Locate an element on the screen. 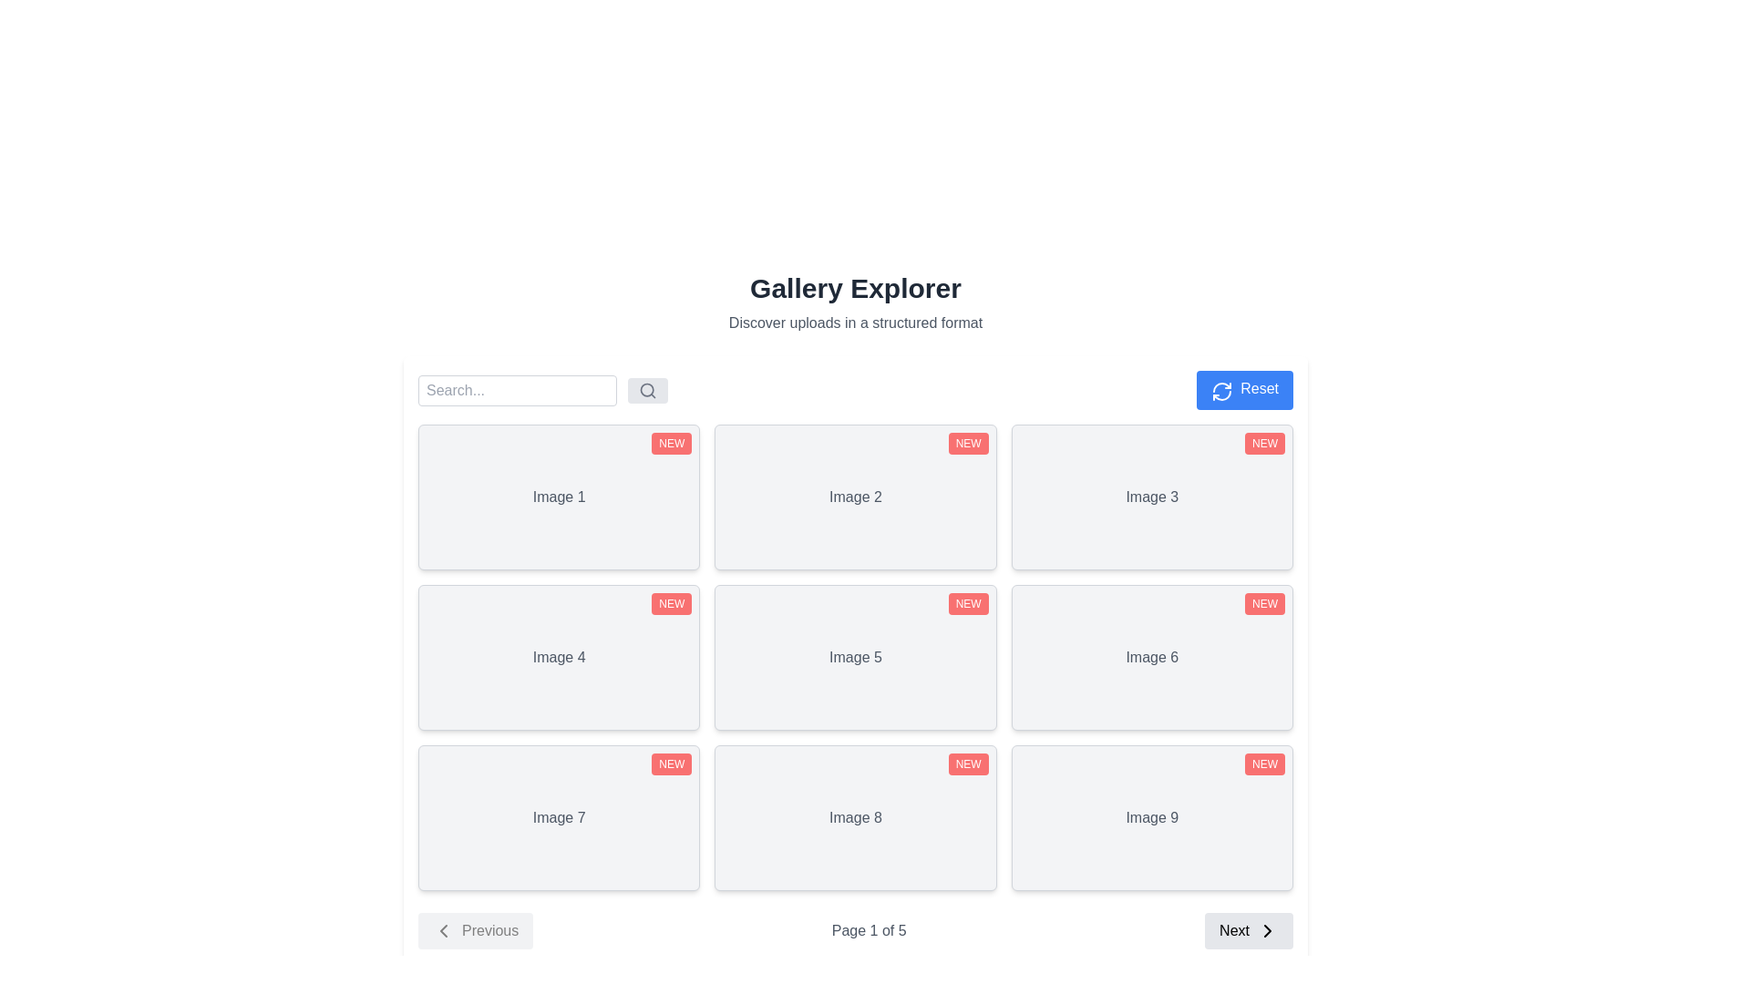  the badge label in the top-right corner that indicates new or updated content, associated with 'Image 5' is located at coordinates (967, 604).